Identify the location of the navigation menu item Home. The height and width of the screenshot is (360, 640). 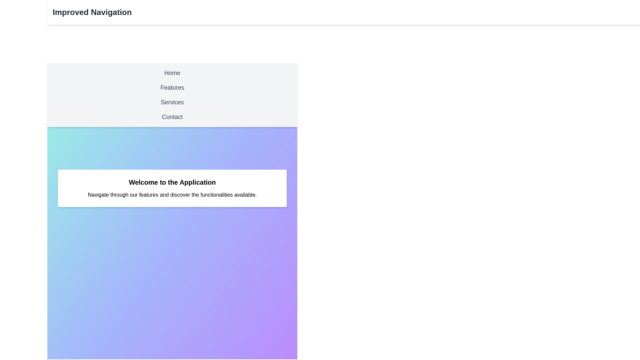
(172, 73).